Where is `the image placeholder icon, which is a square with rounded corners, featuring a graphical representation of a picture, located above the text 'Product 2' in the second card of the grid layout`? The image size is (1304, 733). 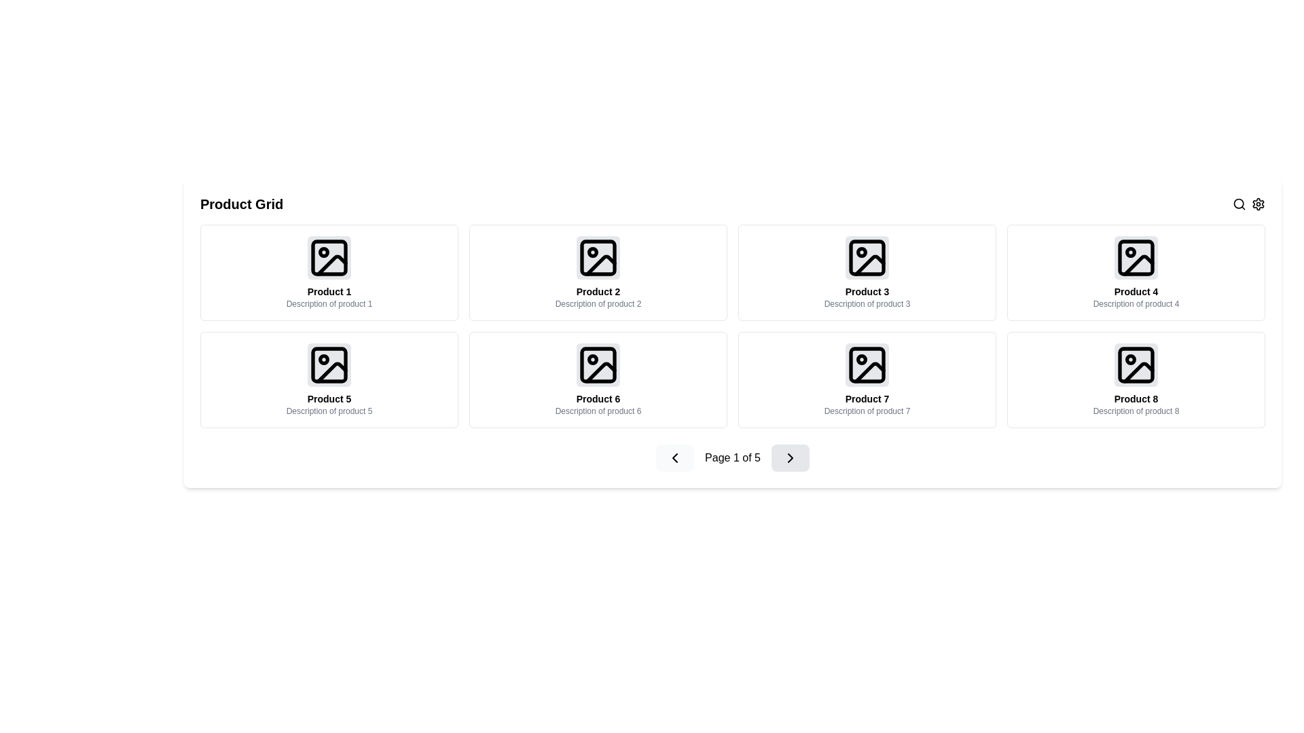
the image placeholder icon, which is a square with rounded corners, featuring a graphical representation of a picture, located above the text 'Product 2' in the second card of the grid layout is located at coordinates (598, 258).